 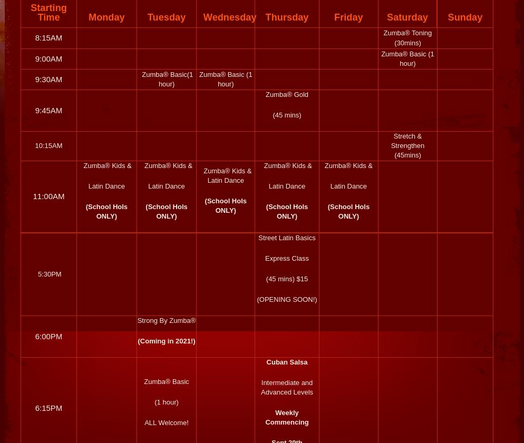 I want to click on 'Zumba® Gold', so click(x=286, y=94).